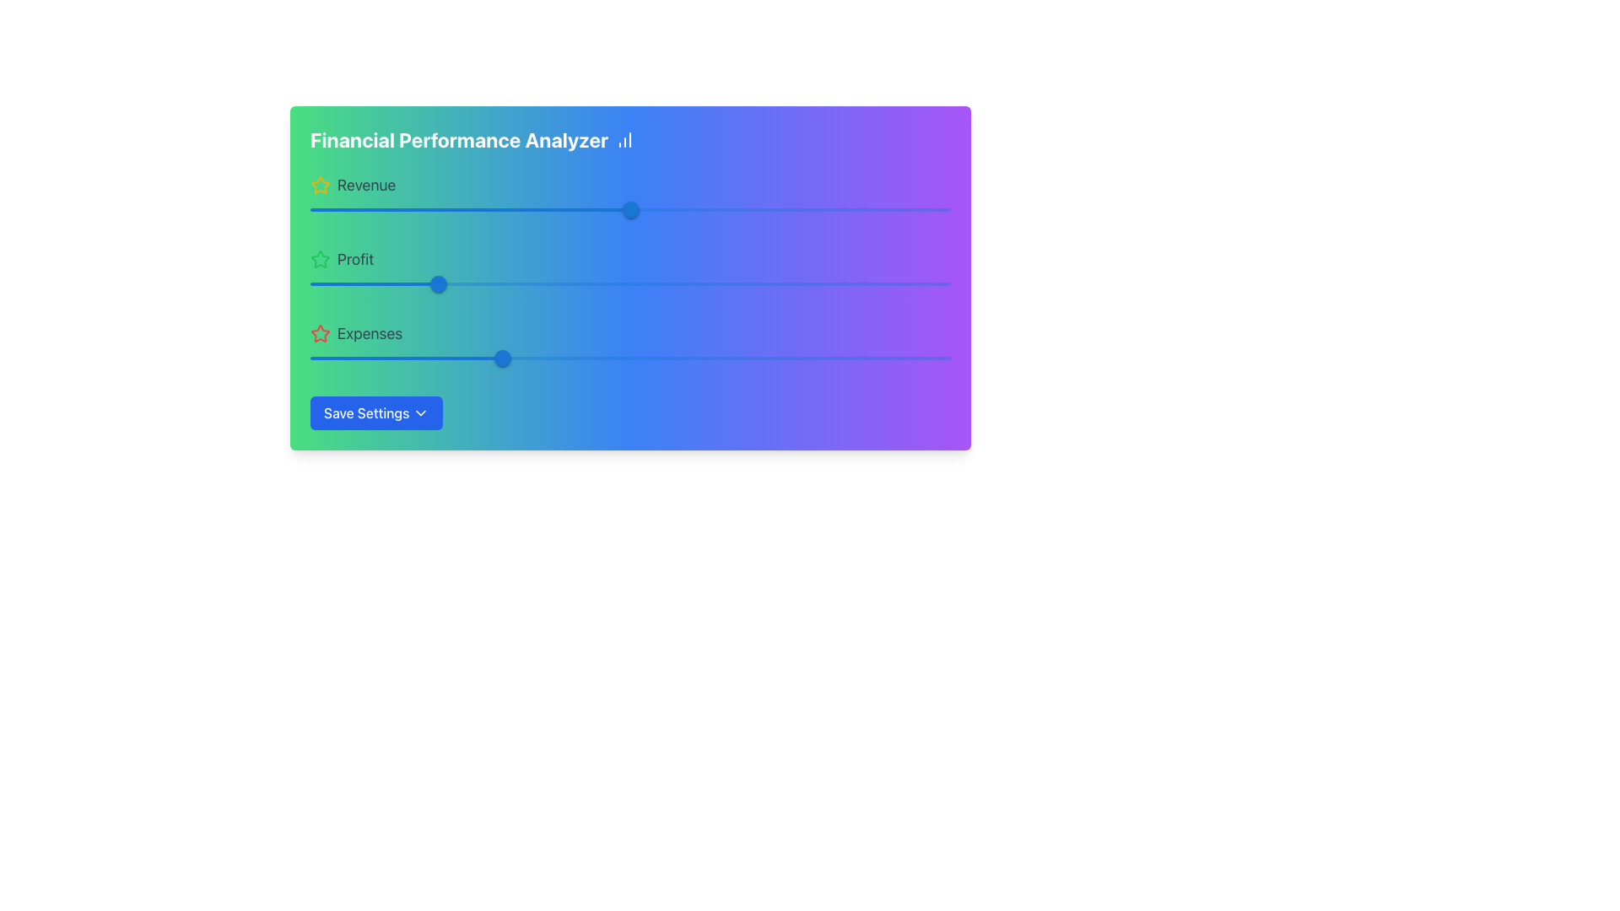  What do you see at coordinates (680, 283) in the screenshot?
I see `the profit slider` at bounding box center [680, 283].